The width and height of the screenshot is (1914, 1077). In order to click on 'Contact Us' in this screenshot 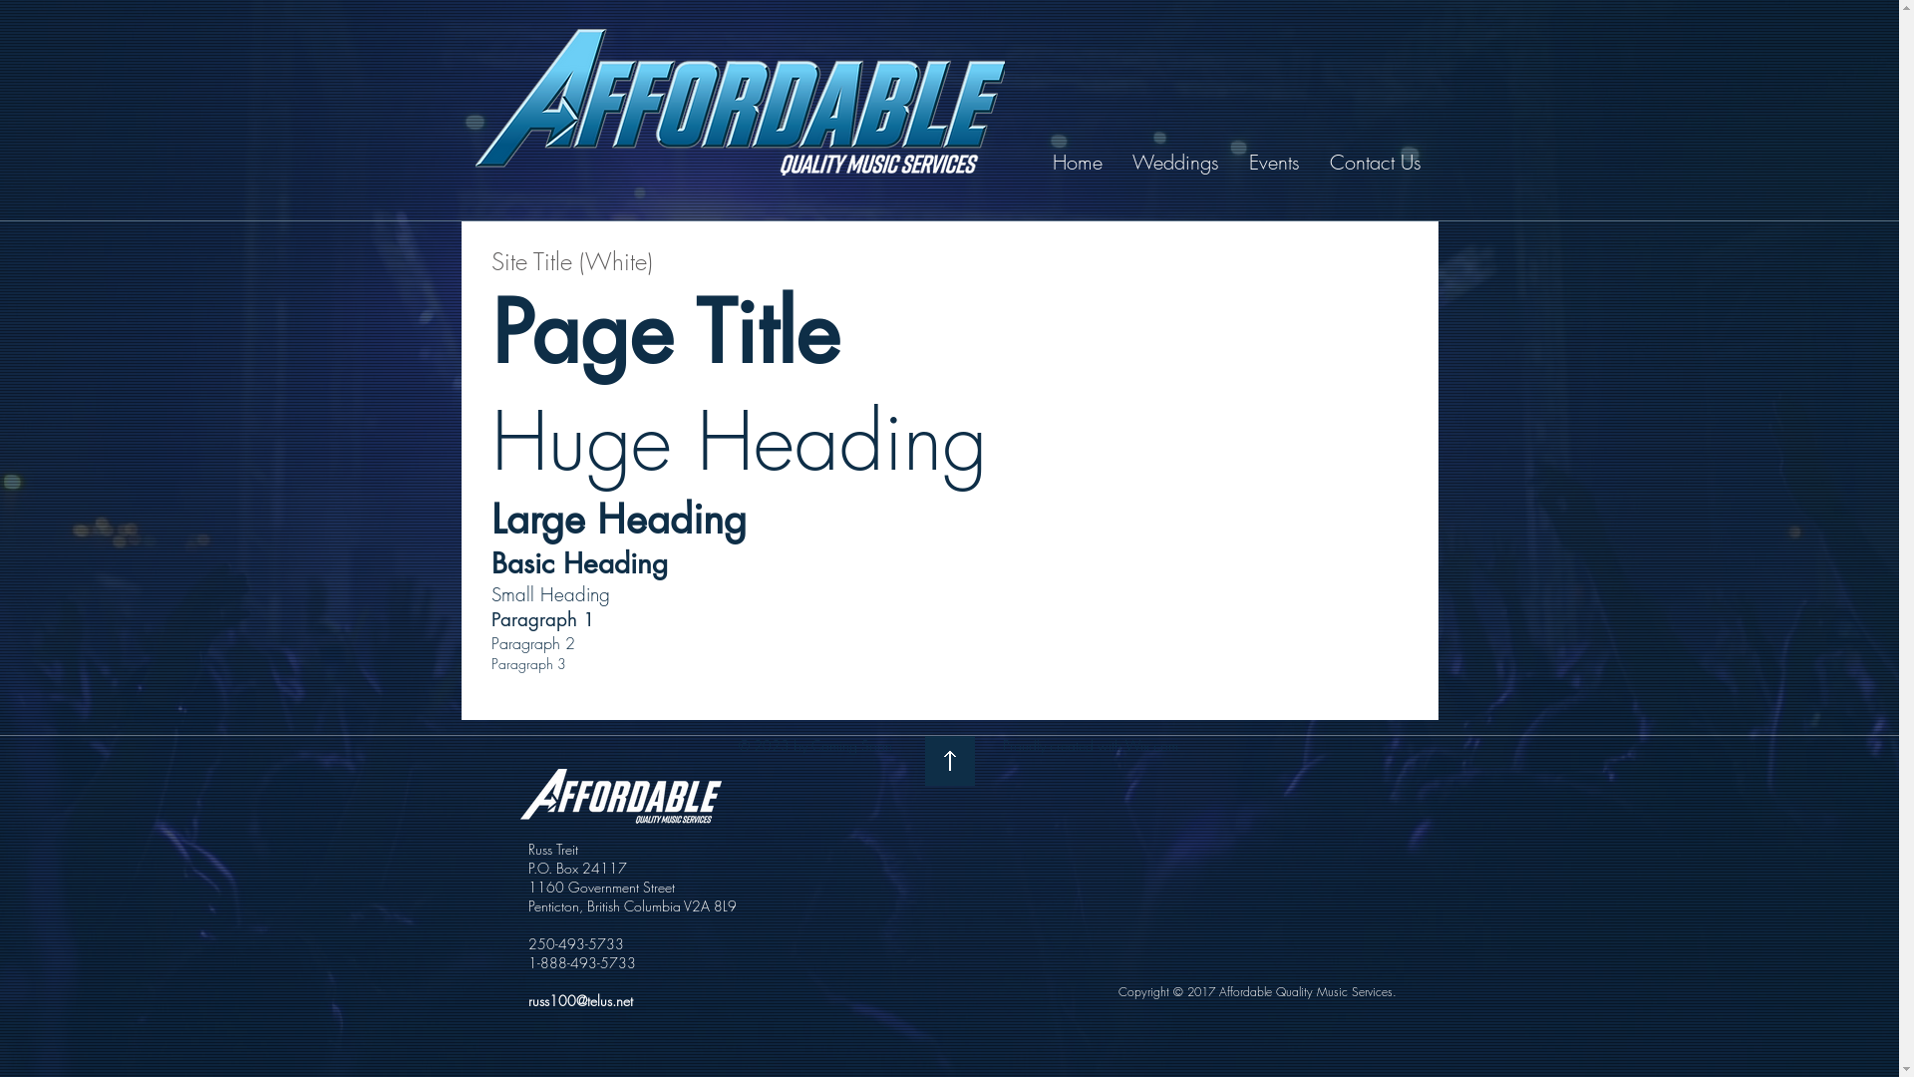, I will do `click(1375, 161)`.